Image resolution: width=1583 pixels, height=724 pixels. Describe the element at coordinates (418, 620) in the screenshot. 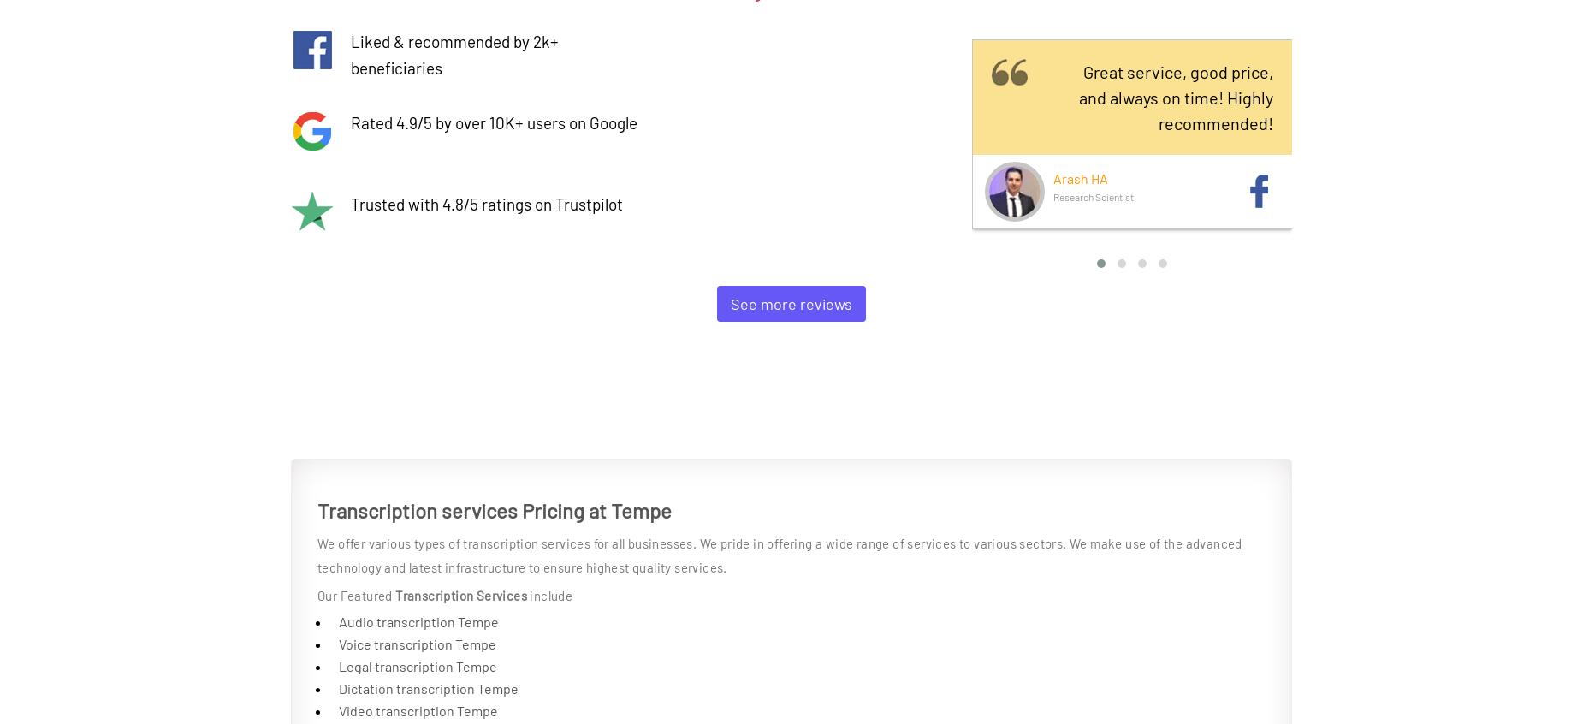

I see `'Audio transcription Tempe'` at that location.